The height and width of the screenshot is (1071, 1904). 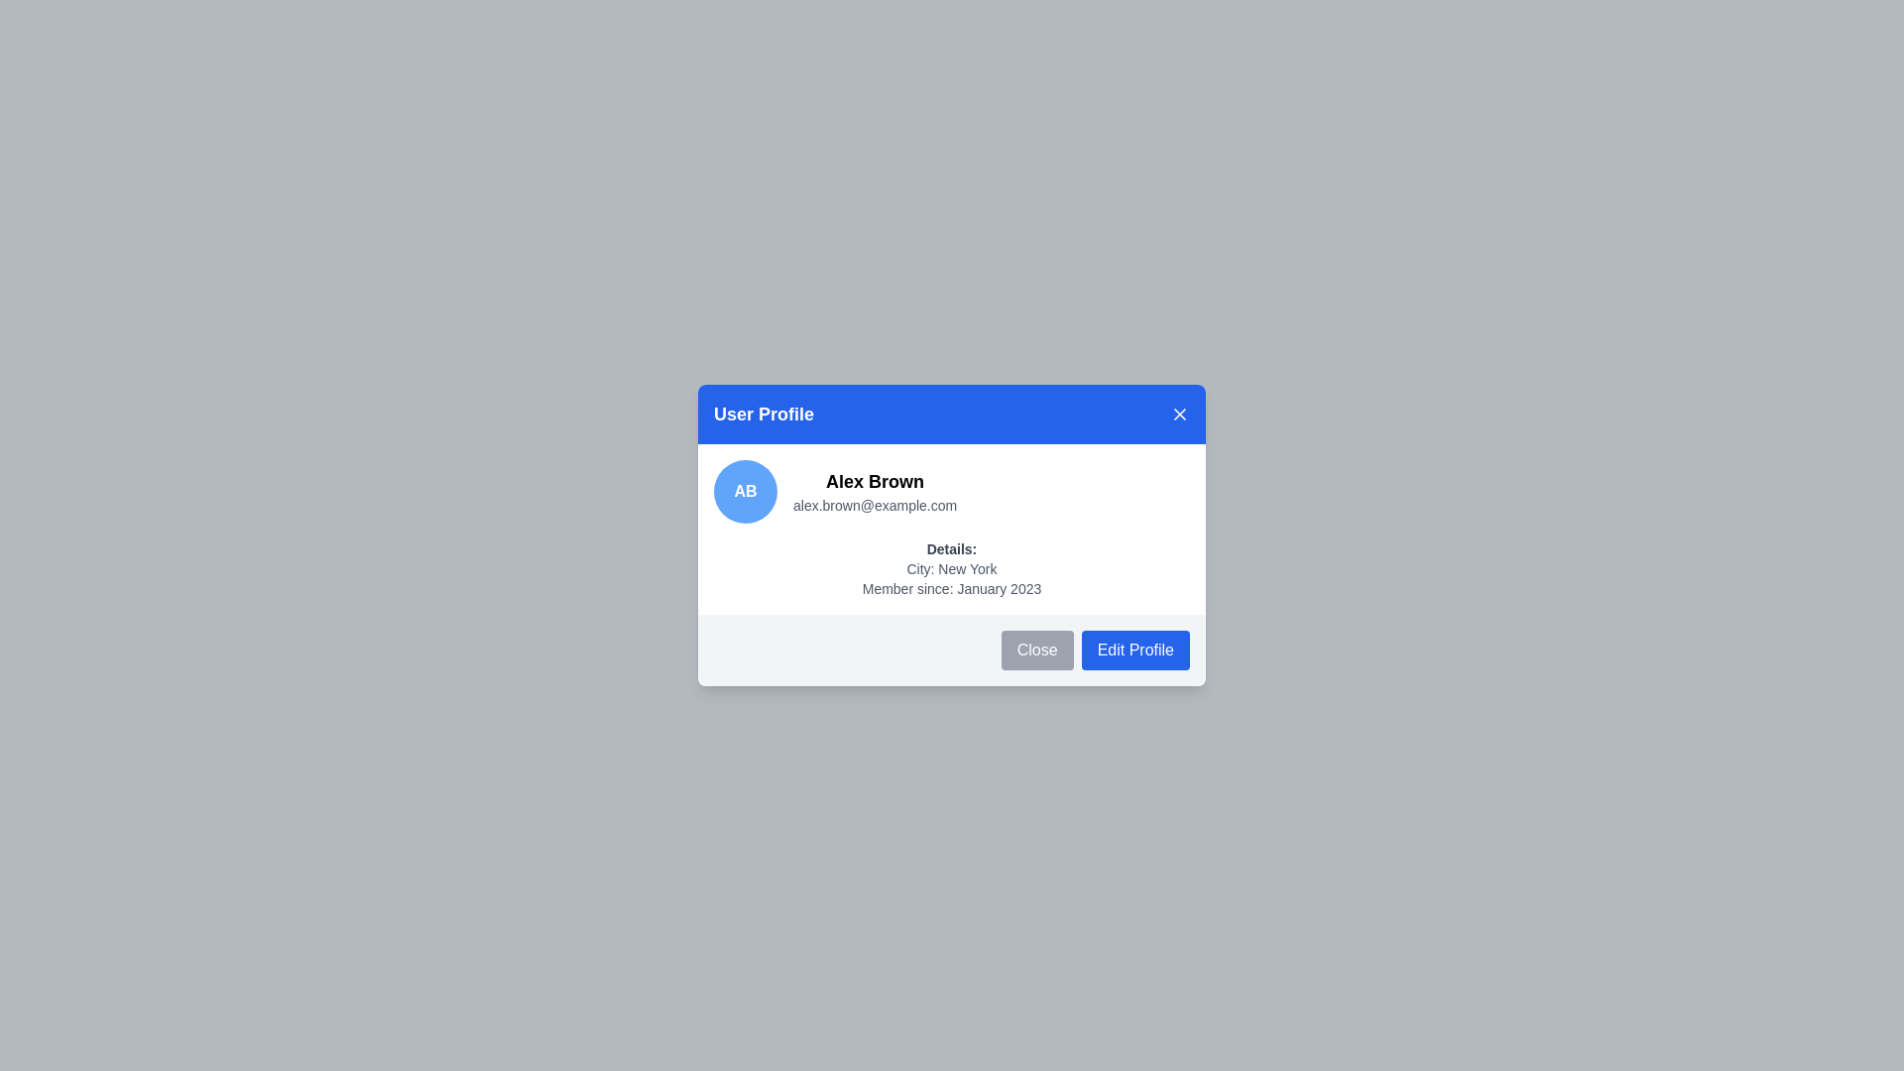 I want to click on the static text display that shows the user's membership initiation date, located beneath 'City: New York' and following 'Details:', which is the last element in the user profile display box, so click(x=952, y=588).